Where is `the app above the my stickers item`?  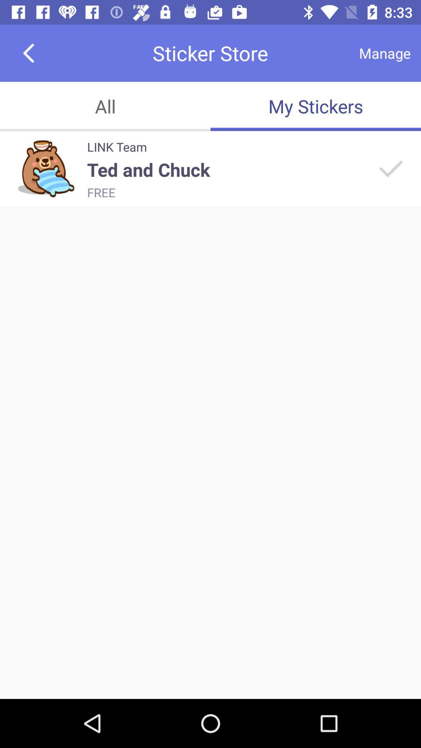 the app above the my stickers item is located at coordinates (384, 53).